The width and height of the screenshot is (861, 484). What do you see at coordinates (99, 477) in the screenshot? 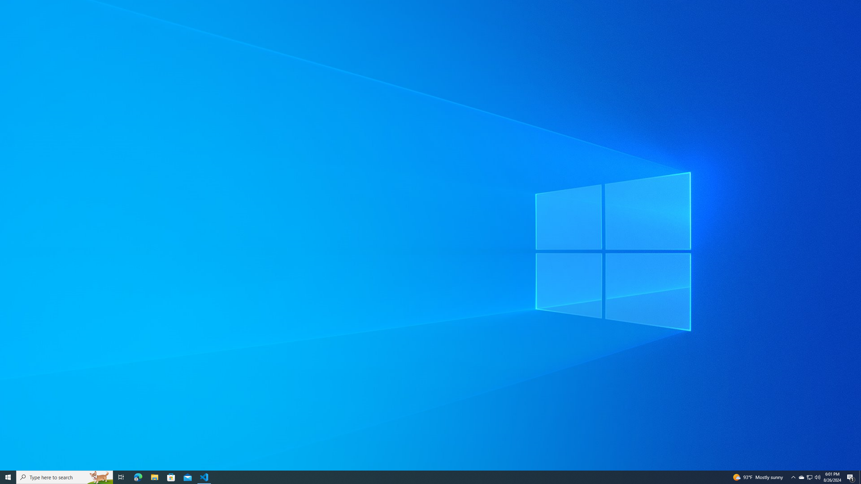
I see `'Search highlights icon opens search home window'` at bounding box center [99, 477].